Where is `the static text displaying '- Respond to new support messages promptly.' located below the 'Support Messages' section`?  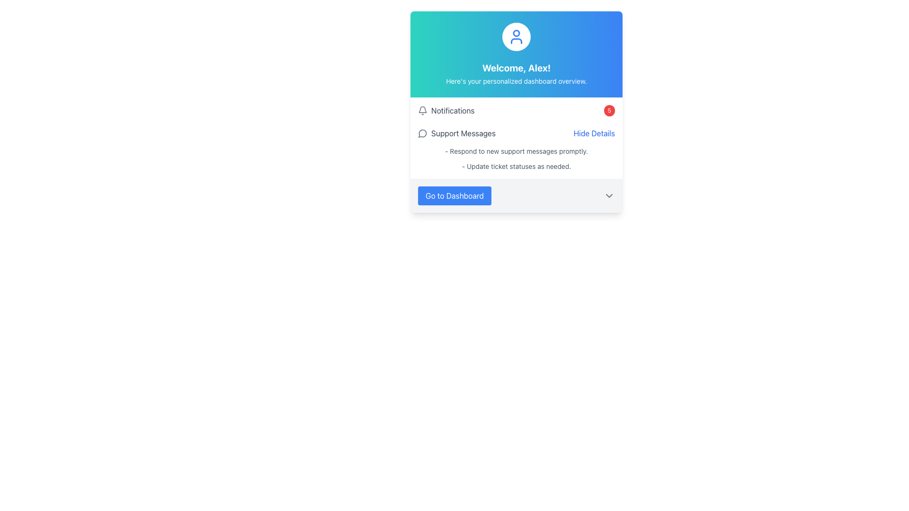 the static text displaying '- Respond to new support messages promptly.' located below the 'Support Messages' section is located at coordinates (516, 151).